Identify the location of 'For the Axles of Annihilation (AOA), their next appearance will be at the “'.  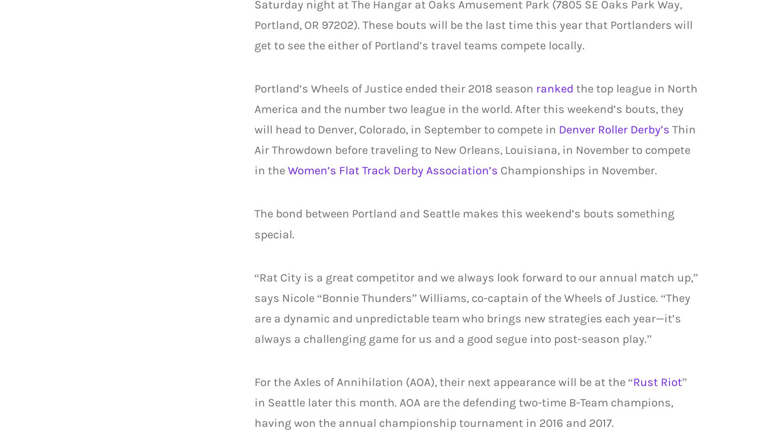
(443, 382).